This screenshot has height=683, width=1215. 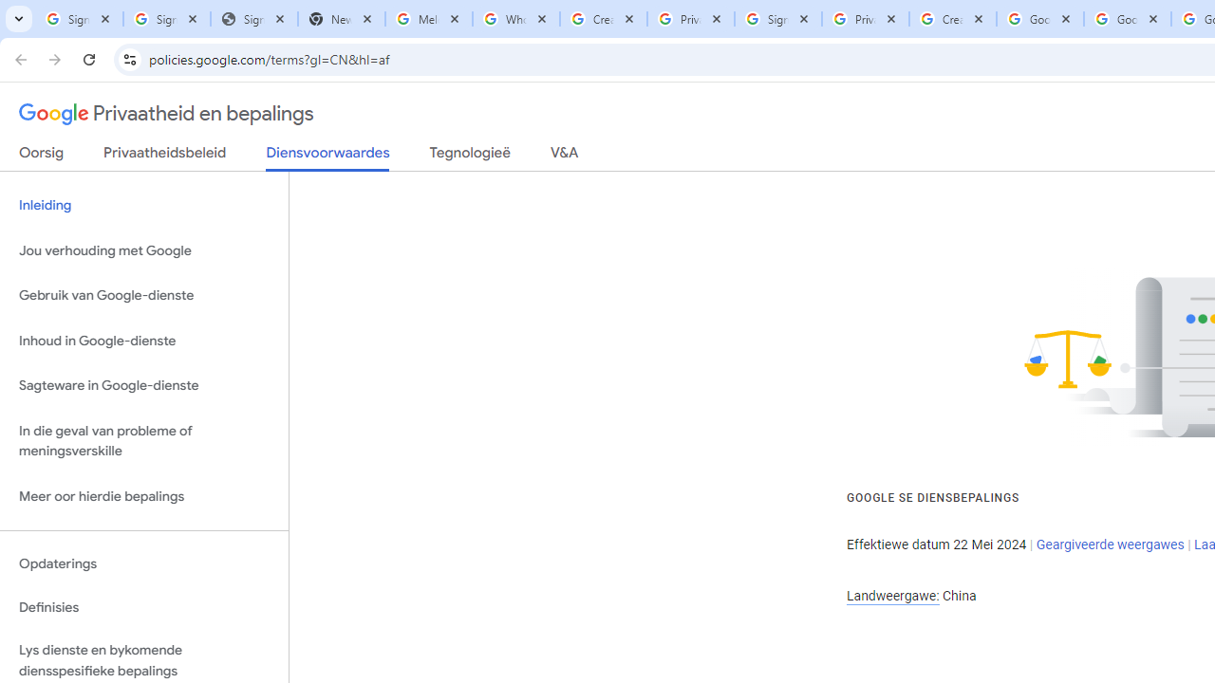 What do you see at coordinates (563, 156) in the screenshot?
I see `'V&A'` at bounding box center [563, 156].